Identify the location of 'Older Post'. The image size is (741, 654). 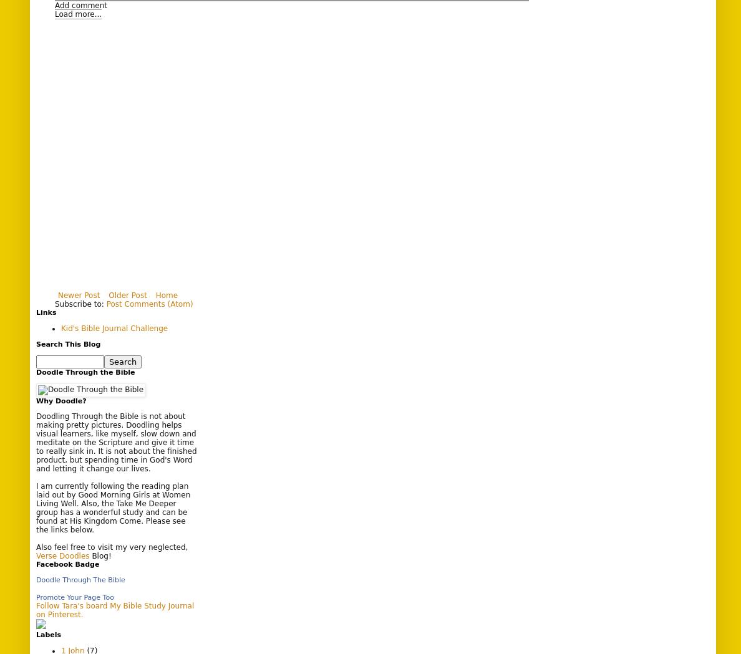
(109, 294).